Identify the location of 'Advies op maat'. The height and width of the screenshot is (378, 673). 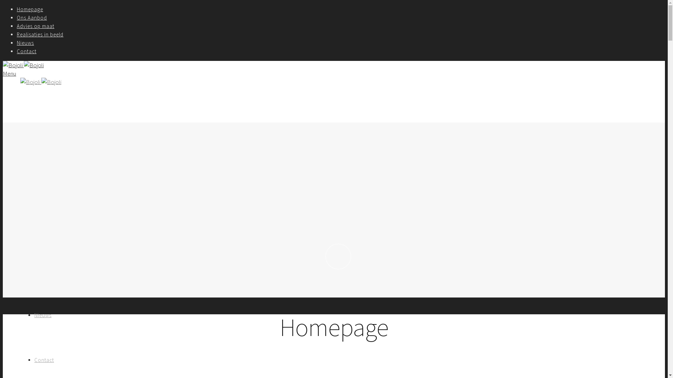
(17, 26).